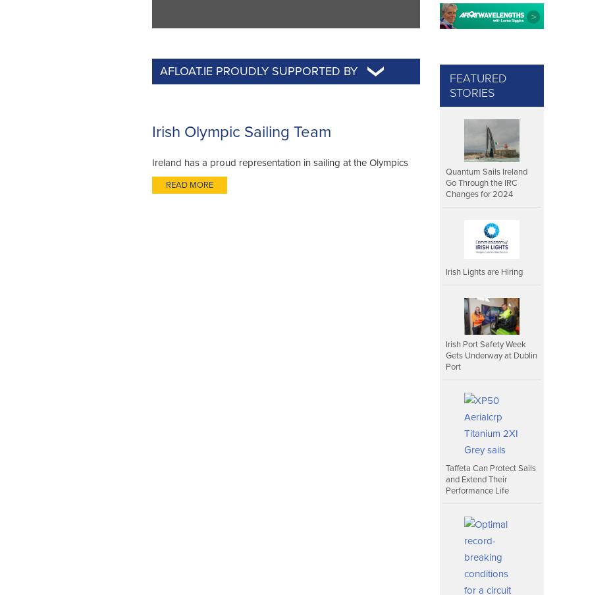  What do you see at coordinates (491, 354) in the screenshot?
I see `'Irish Port Safety Week Gets Underway at Dublin Port'` at bounding box center [491, 354].